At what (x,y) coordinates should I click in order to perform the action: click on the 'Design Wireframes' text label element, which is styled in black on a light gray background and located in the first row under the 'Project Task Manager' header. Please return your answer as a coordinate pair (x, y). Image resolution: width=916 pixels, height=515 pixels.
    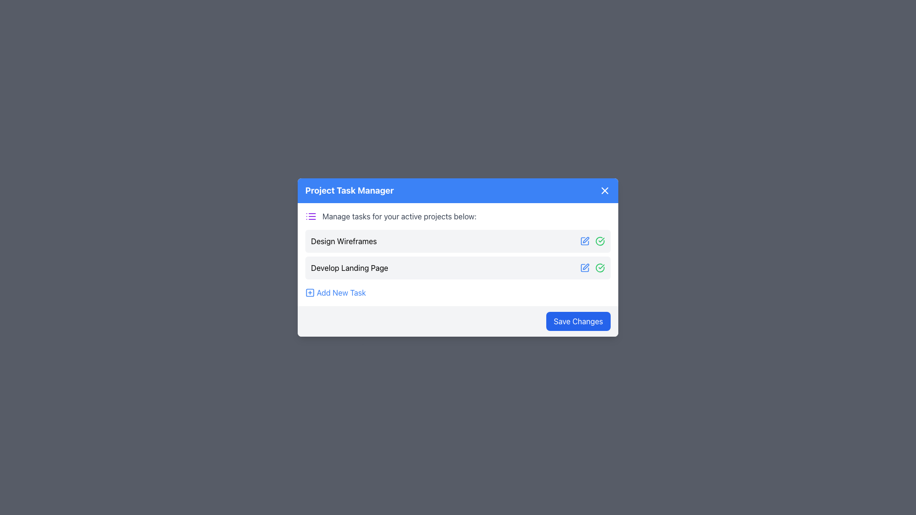
    Looking at the image, I should click on (343, 240).